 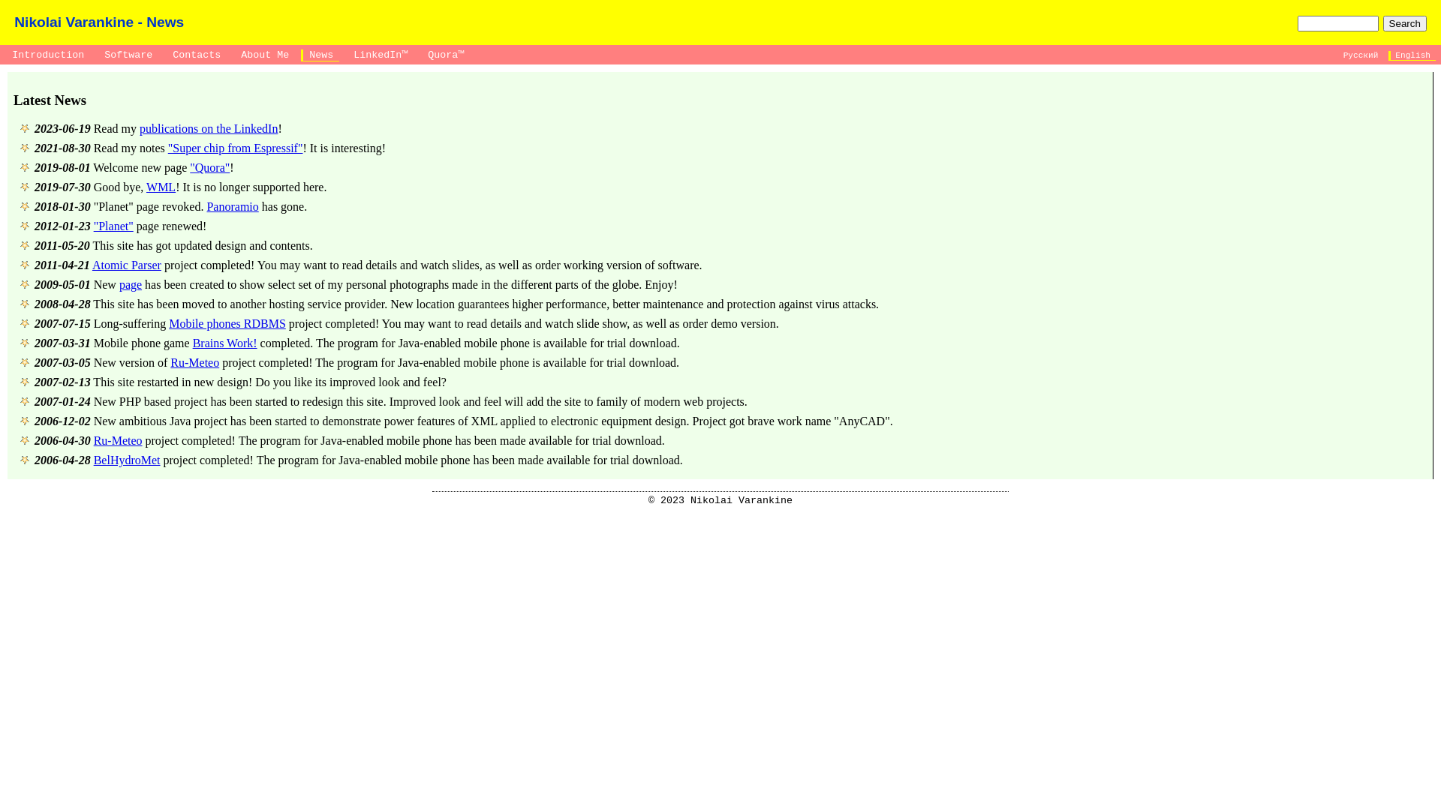 What do you see at coordinates (161, 186) in the screenshot?
I see `'WML'` at bounding box center [161, 186].